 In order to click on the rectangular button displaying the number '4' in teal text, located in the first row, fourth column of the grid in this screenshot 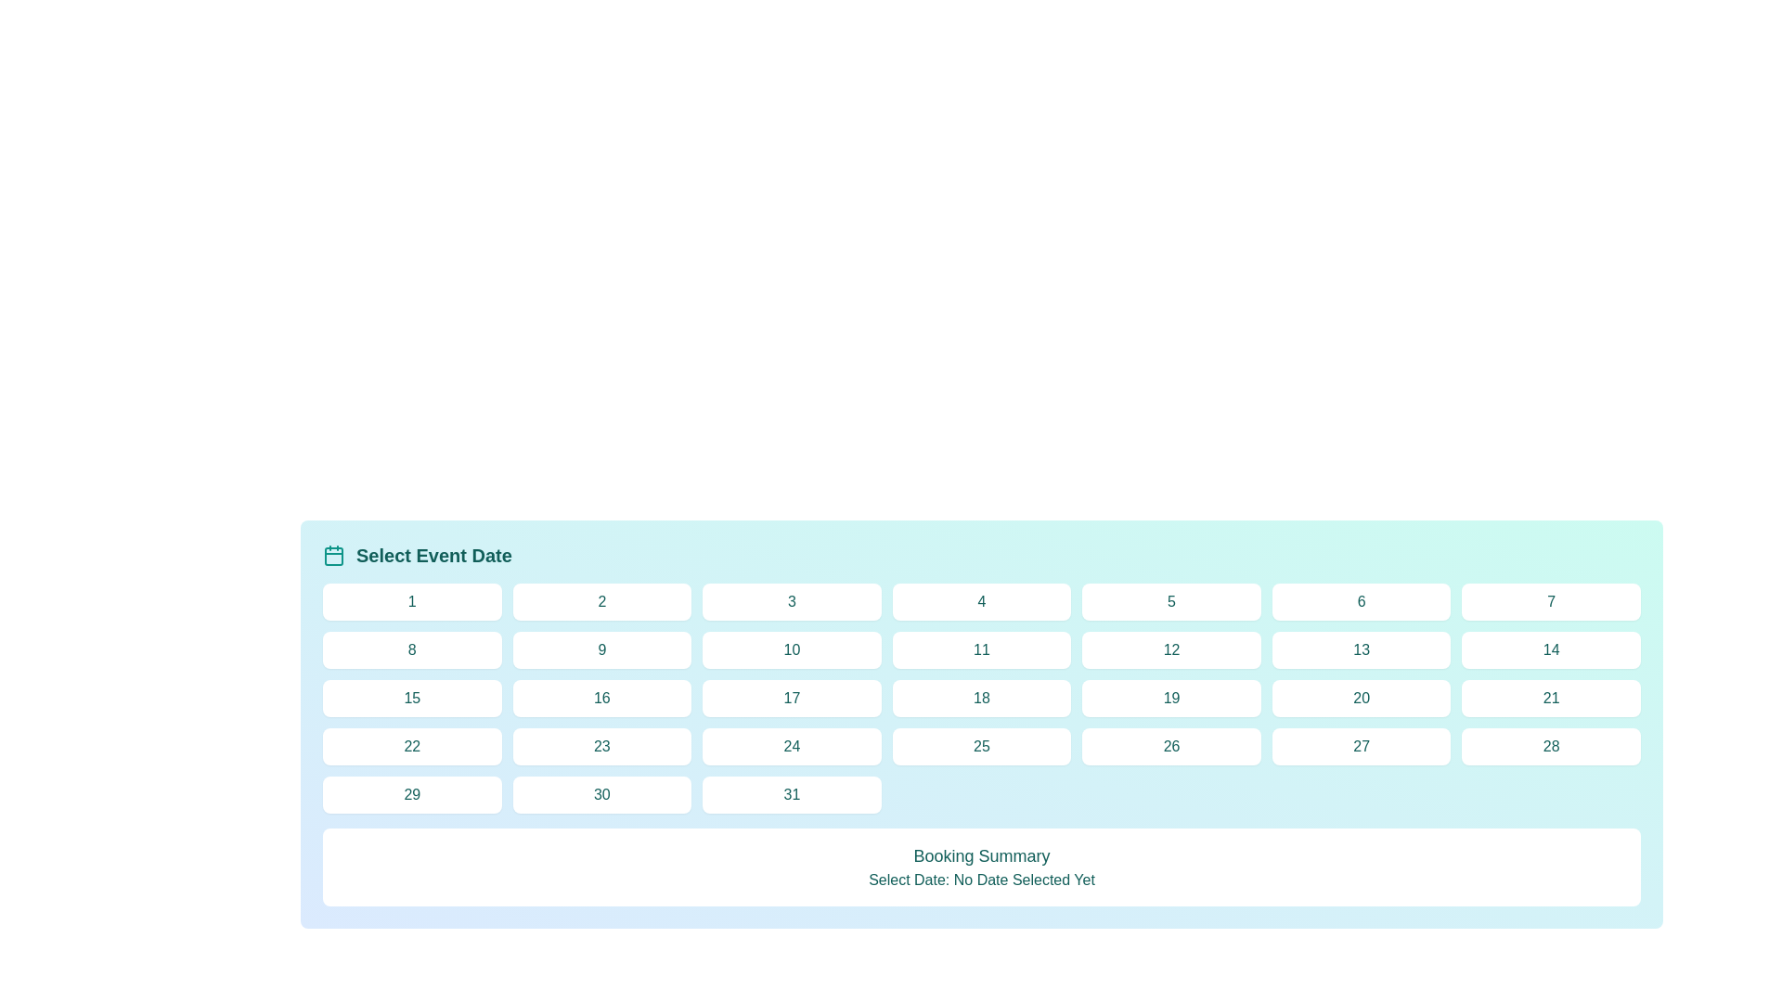, I will do `click(980, 601)`.